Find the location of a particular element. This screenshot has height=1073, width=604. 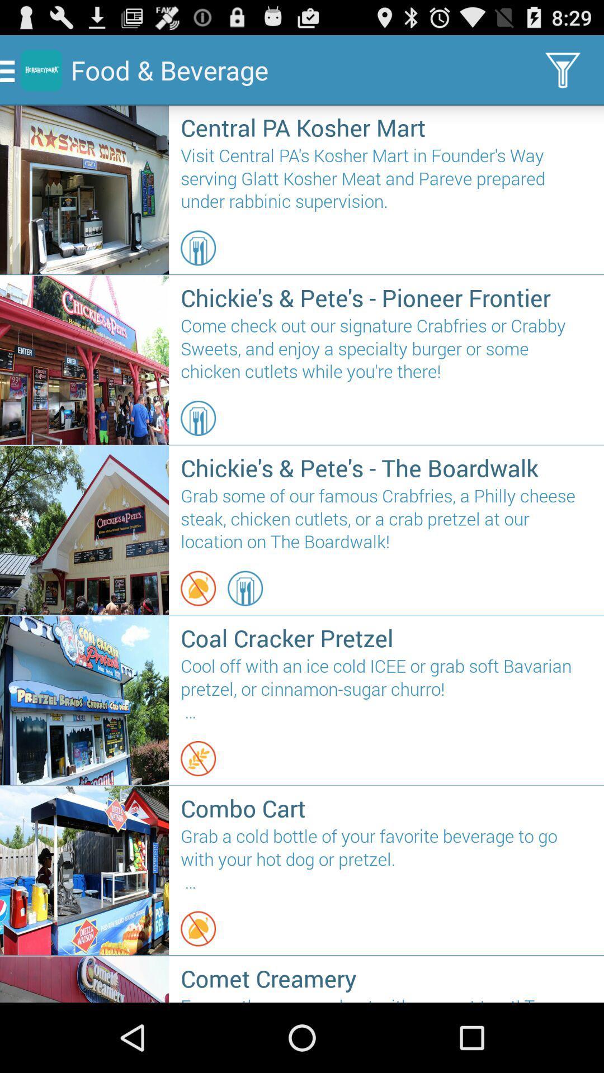

icon above the central pa kosher is located at coordinates (563, 69).